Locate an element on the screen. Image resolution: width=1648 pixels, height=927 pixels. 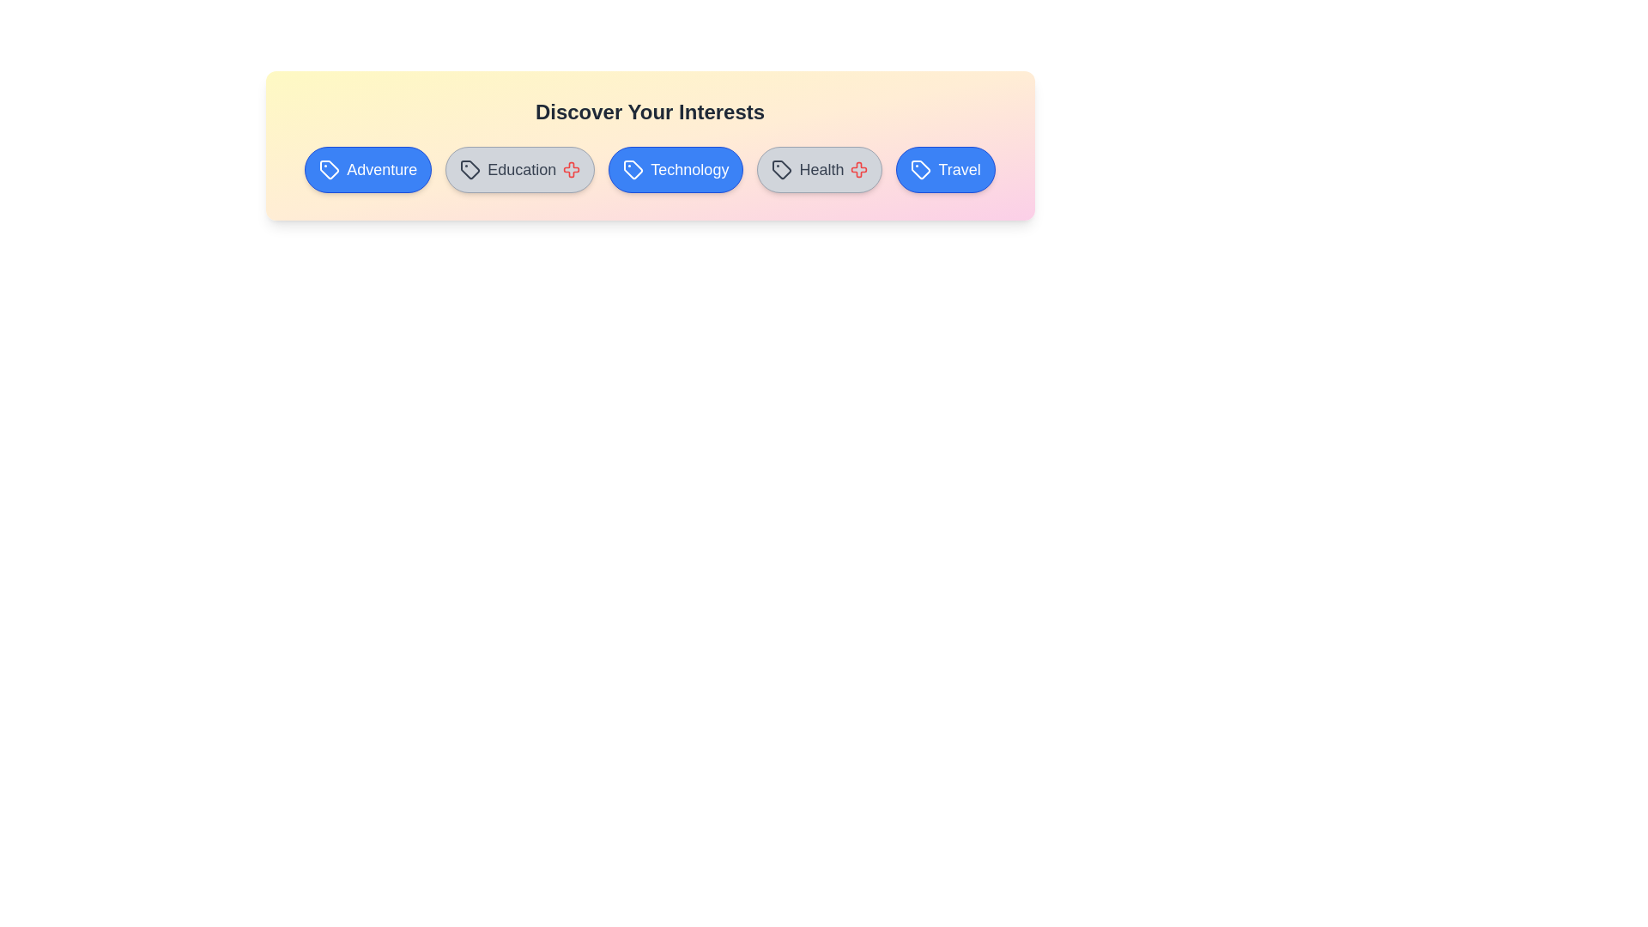
the tag labeled Technology to observe the hover effect is located at coordinates (675, 169).